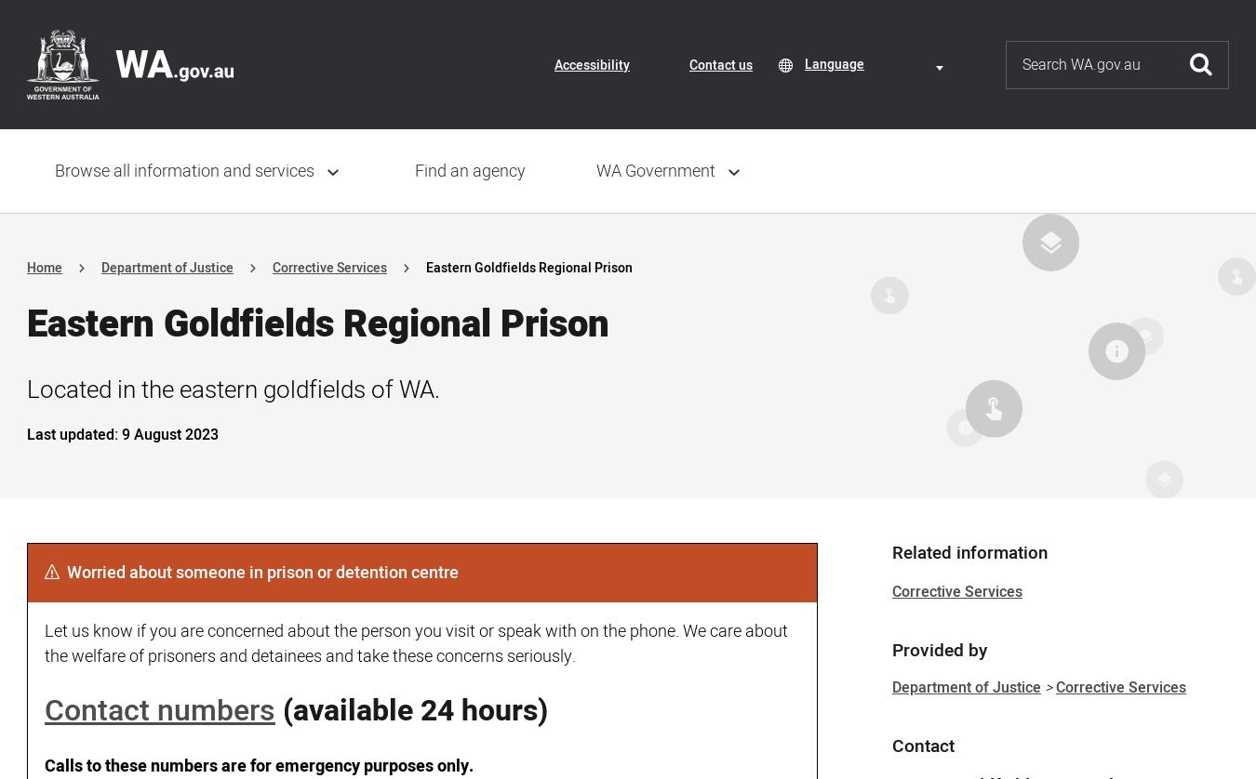 The height and width of the screenshot is (779, 1256). Describe the element at coordinates (592, 64) in the screenshot. I see `'Accessibility'` at that location.